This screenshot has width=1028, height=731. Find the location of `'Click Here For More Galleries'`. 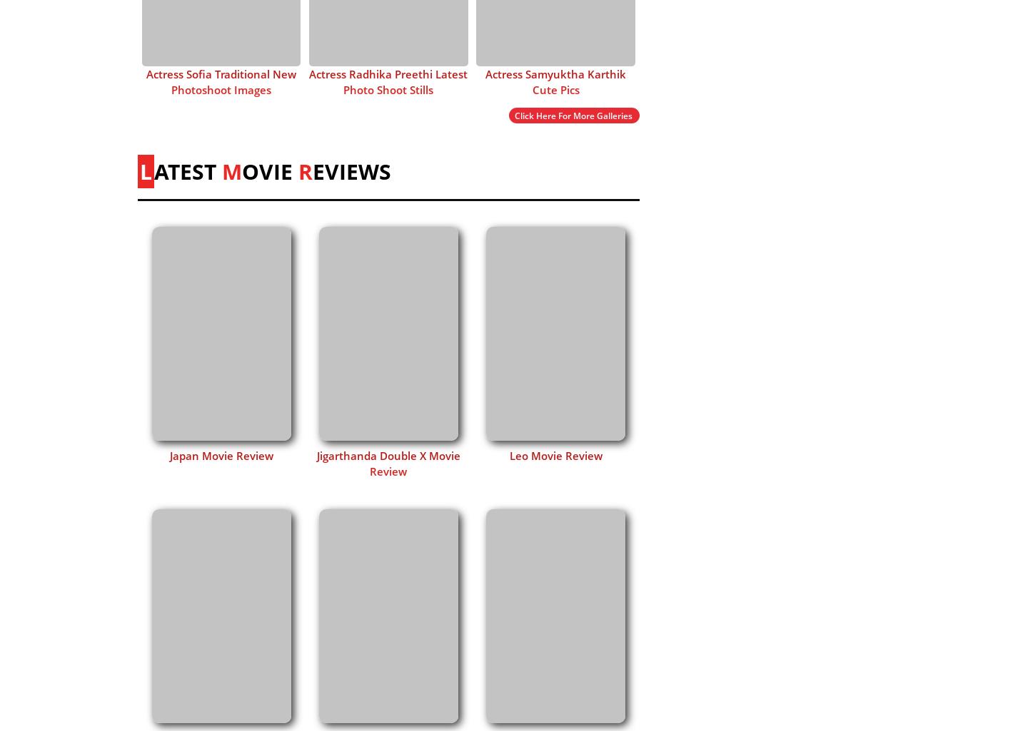

'Click Here For More Galleries' is located at coordinates (573, 114).